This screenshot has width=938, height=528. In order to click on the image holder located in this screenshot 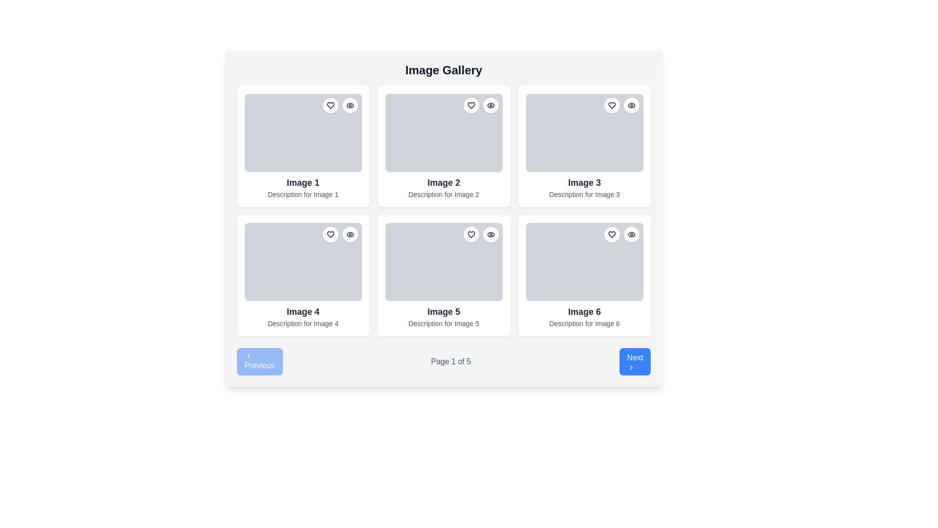, I will do `click(584, 133)`.